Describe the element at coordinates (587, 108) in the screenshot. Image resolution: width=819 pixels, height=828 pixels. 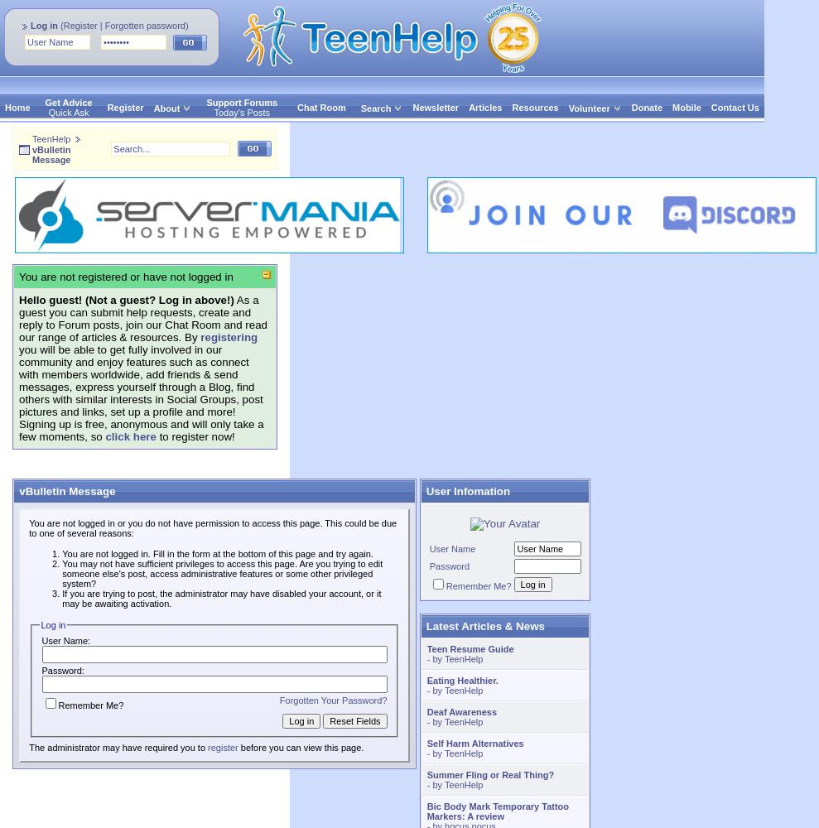
I see `'Volunteer'` at that location.